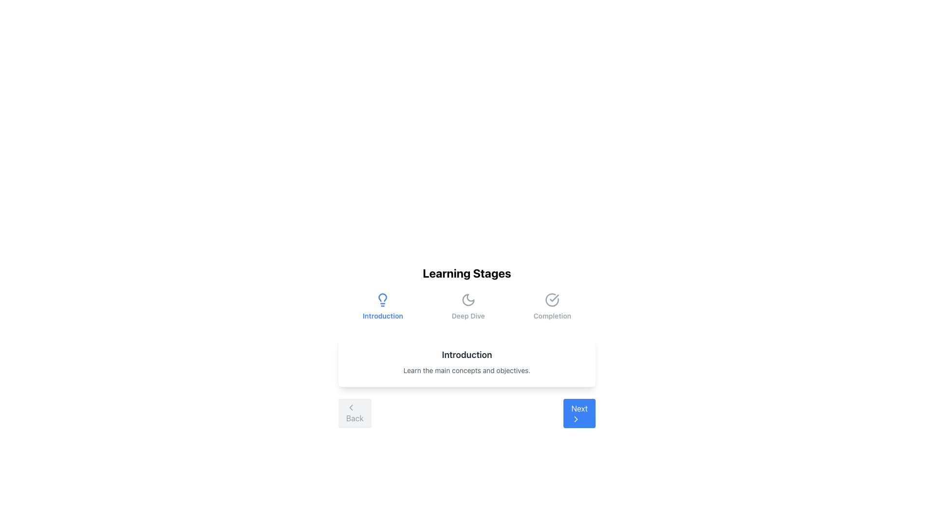 This screenshot has width=935, height=526. What do you see at coordinates (351, 408) in the screenshot?
I see `the left-pointing chevron icon located within the gray 'Back' button` at bounding box center [351, 408].